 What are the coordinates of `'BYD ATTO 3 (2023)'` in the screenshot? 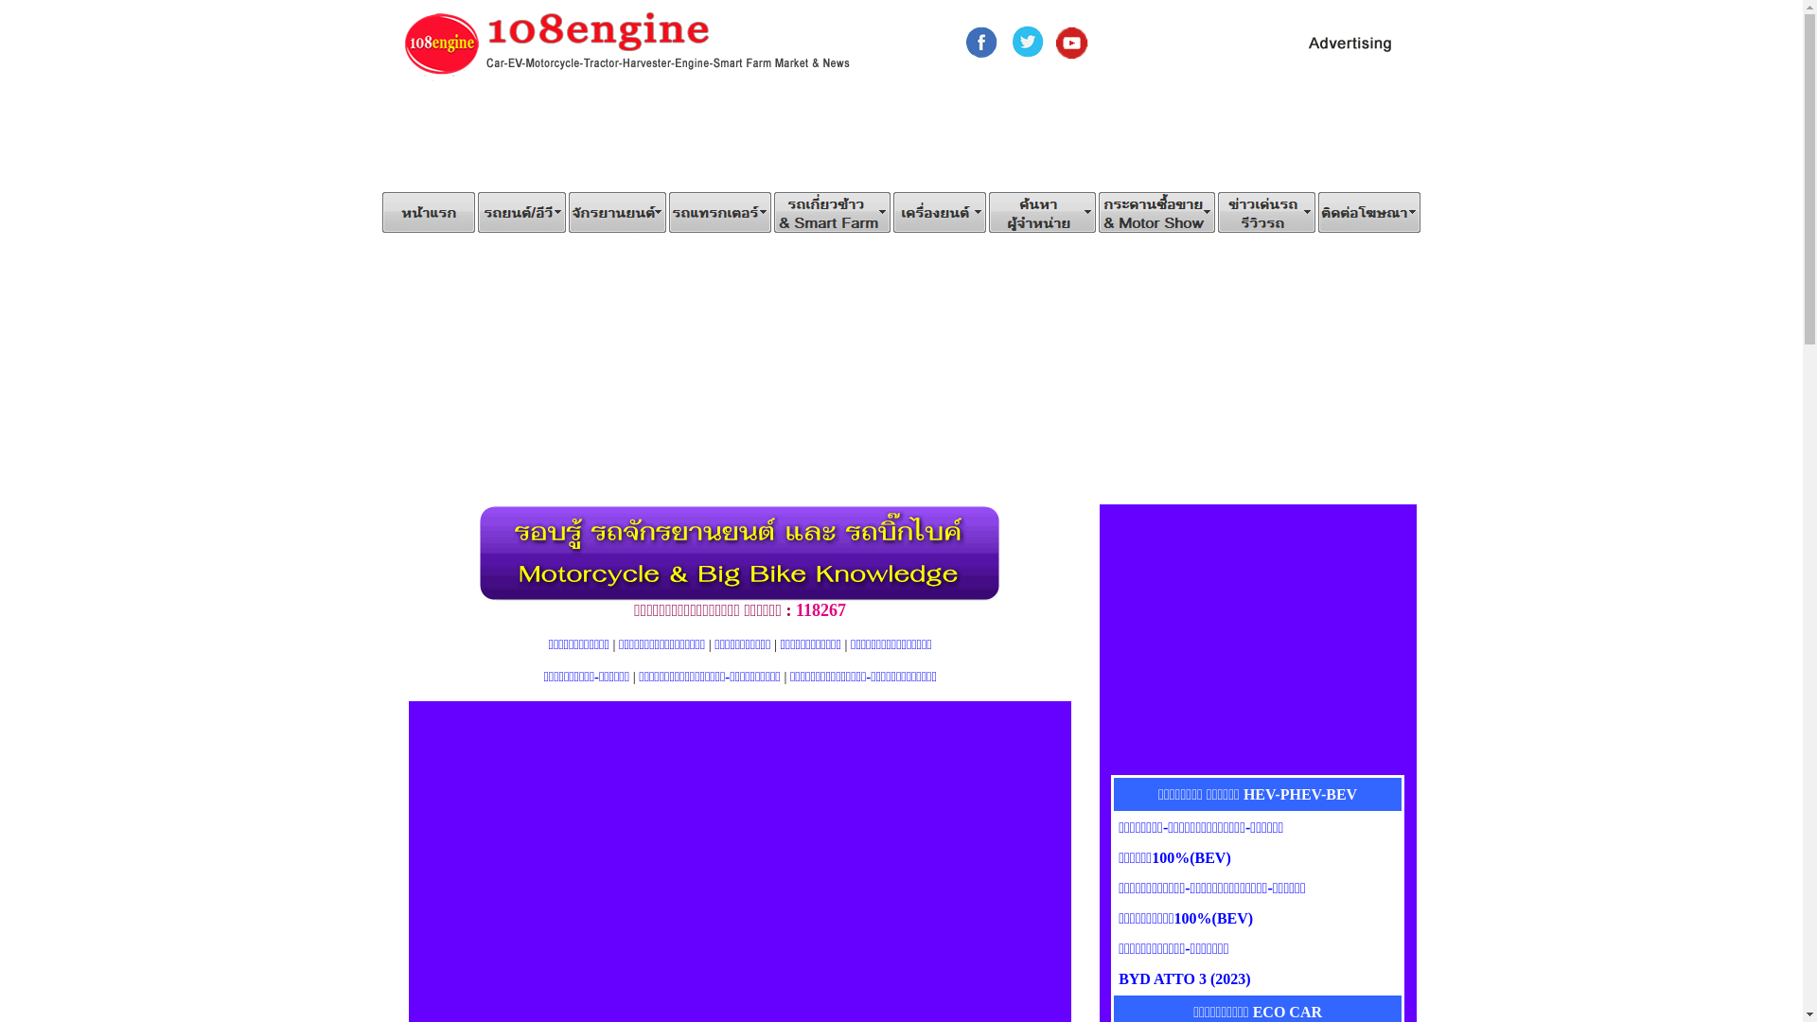 It's located at (1183, 978).